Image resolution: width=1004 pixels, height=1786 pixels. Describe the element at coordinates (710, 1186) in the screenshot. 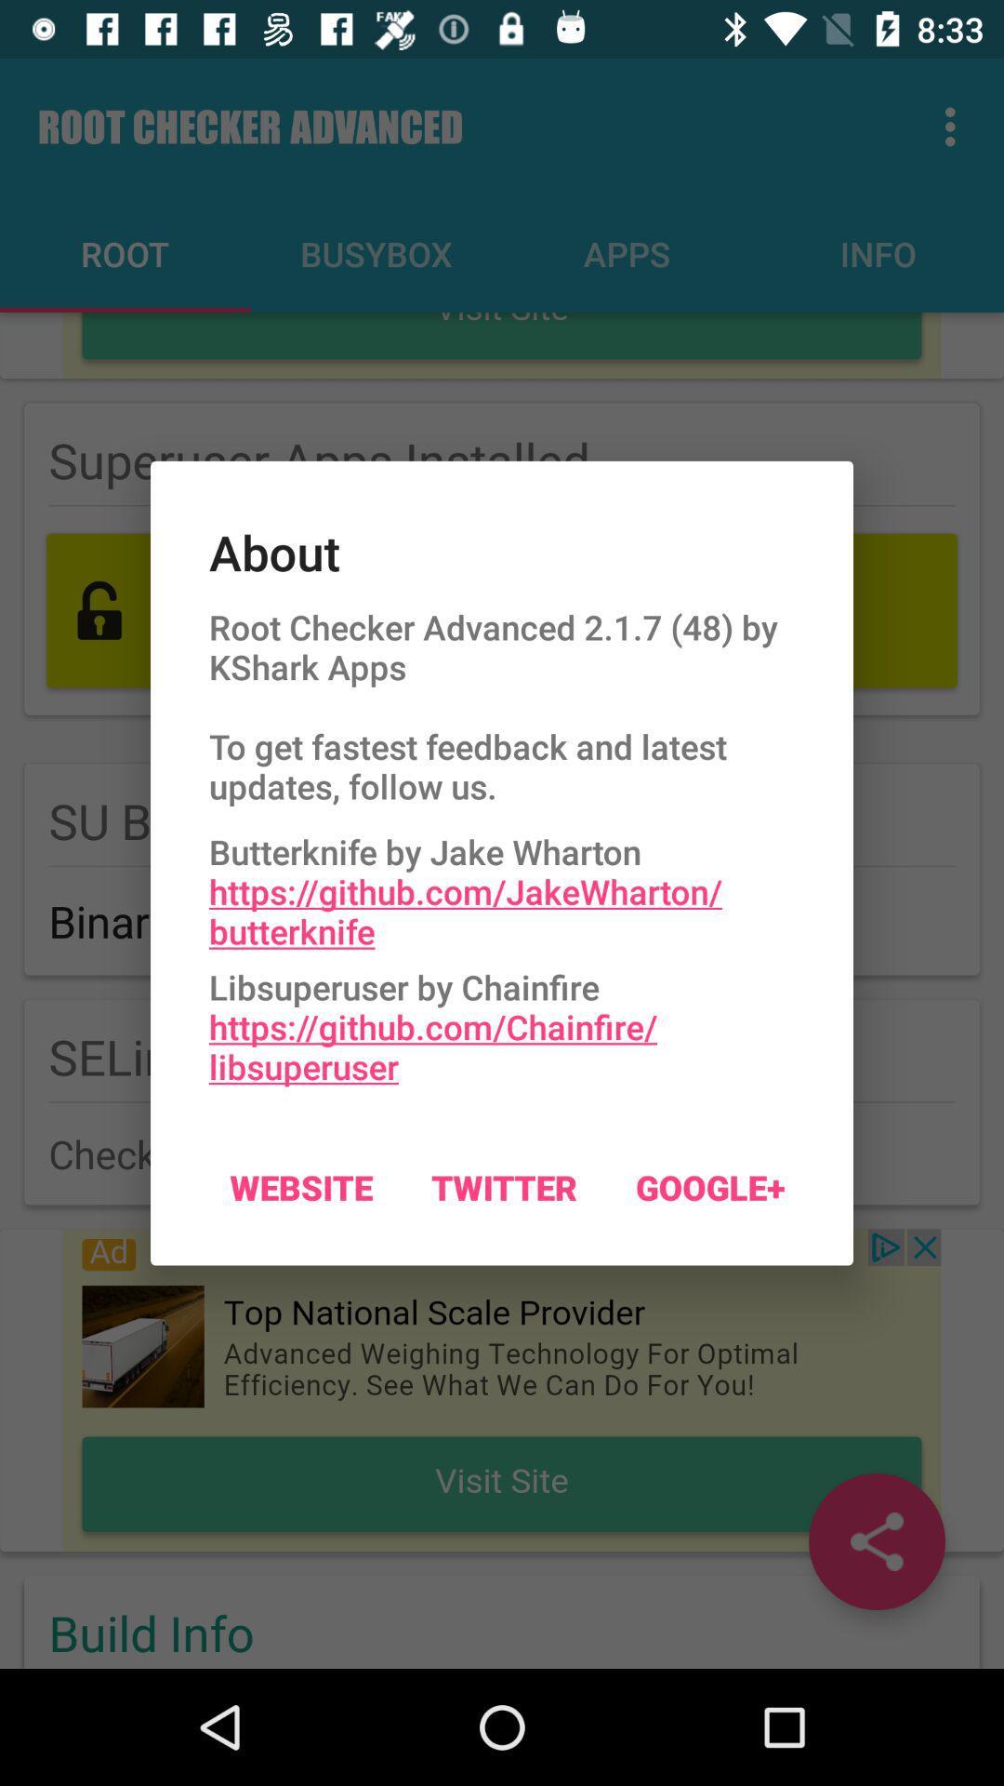

I see `the icon to the right of twitter item` at that location.